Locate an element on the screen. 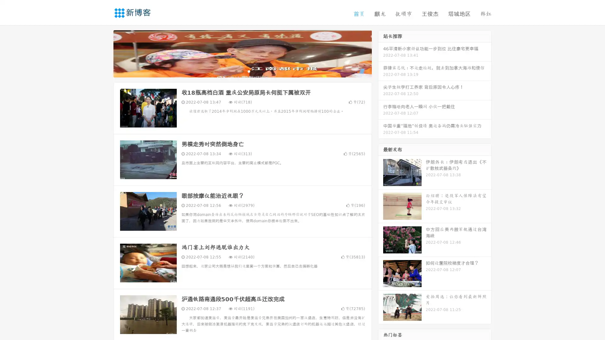 This screenshot has width=605, height=340. Go to slide 2 is located at coordinates (242, 71).